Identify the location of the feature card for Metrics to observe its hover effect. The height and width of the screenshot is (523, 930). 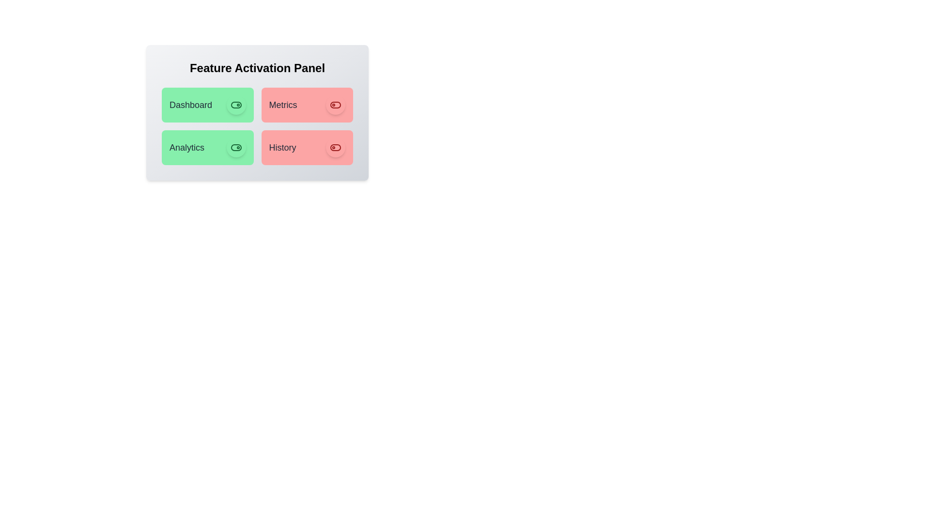
(307, 105).